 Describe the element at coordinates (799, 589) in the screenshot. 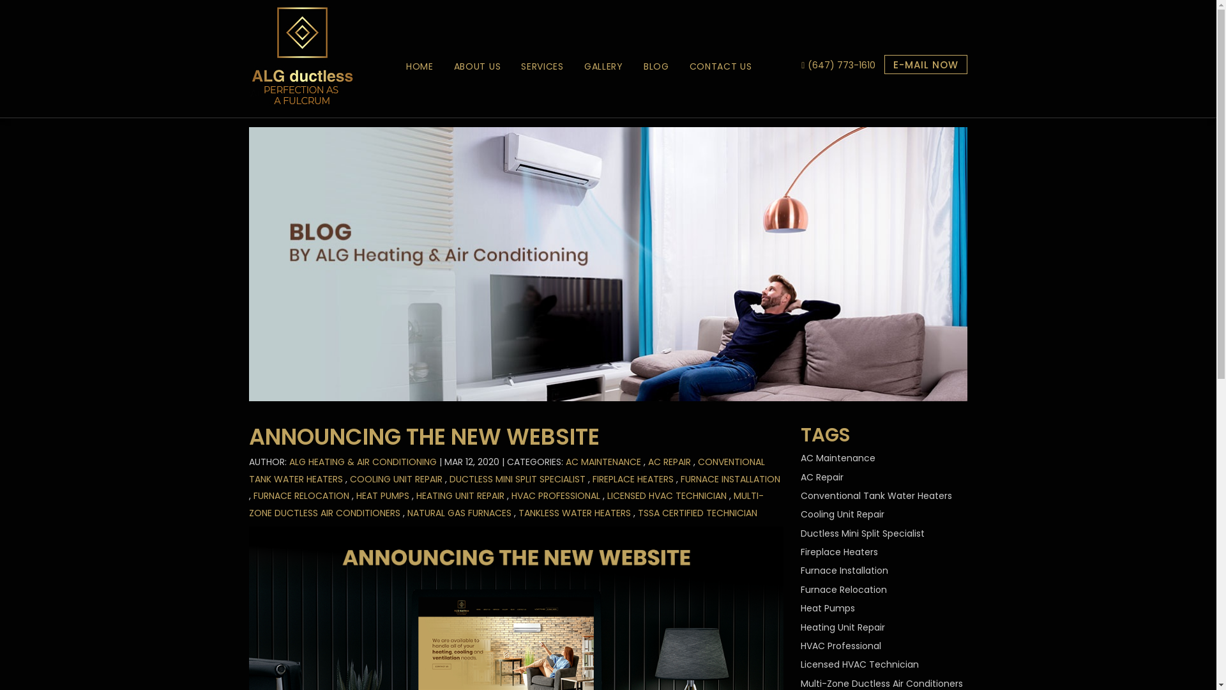

I see `'Furnace Relocation'` at that location.